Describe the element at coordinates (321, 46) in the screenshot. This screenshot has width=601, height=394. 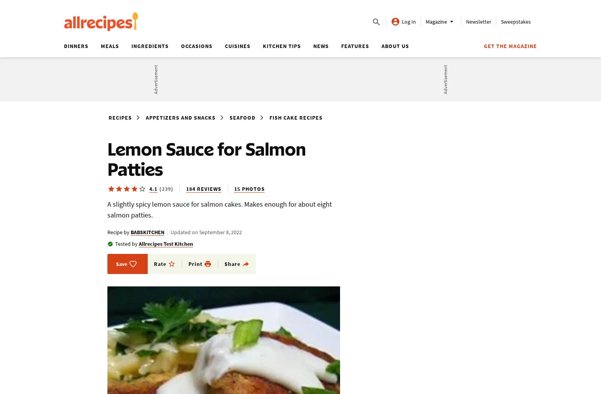
I see `'News'` at that location.